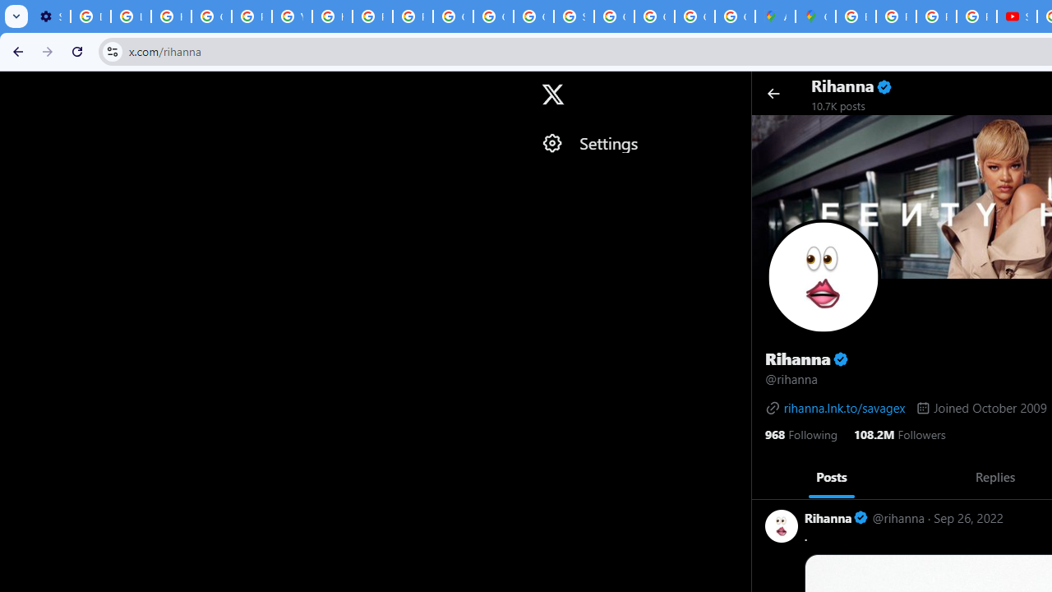  Describe the element at coordinates (1016, 16) in the screenshot. I see `'Subscriptions - YouTube'` at that location.